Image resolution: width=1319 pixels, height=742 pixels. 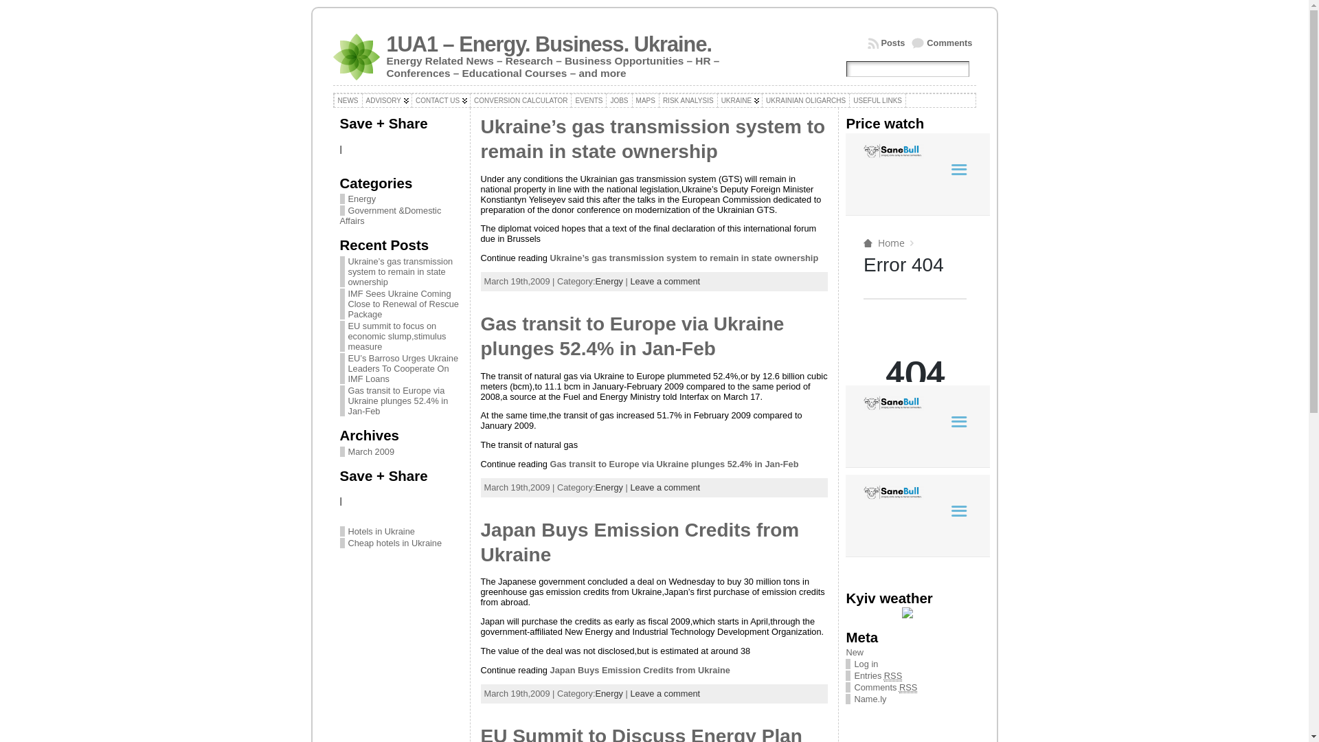 What do you see at coordinates (357, 199) in the screenshot?
I see `'Energy'` at bounding box center [357, 199].